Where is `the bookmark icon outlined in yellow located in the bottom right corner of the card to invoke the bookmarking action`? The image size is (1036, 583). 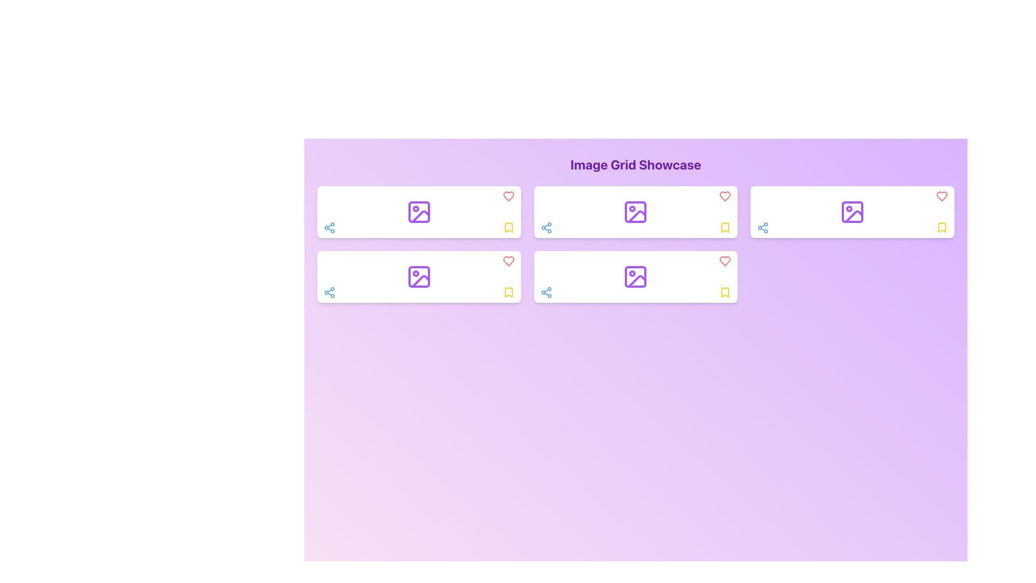 the bookmark icon outlined in yellow located in the bottom right corner of the card to invoke the bookmarking action is located at coordinates (725, 227).